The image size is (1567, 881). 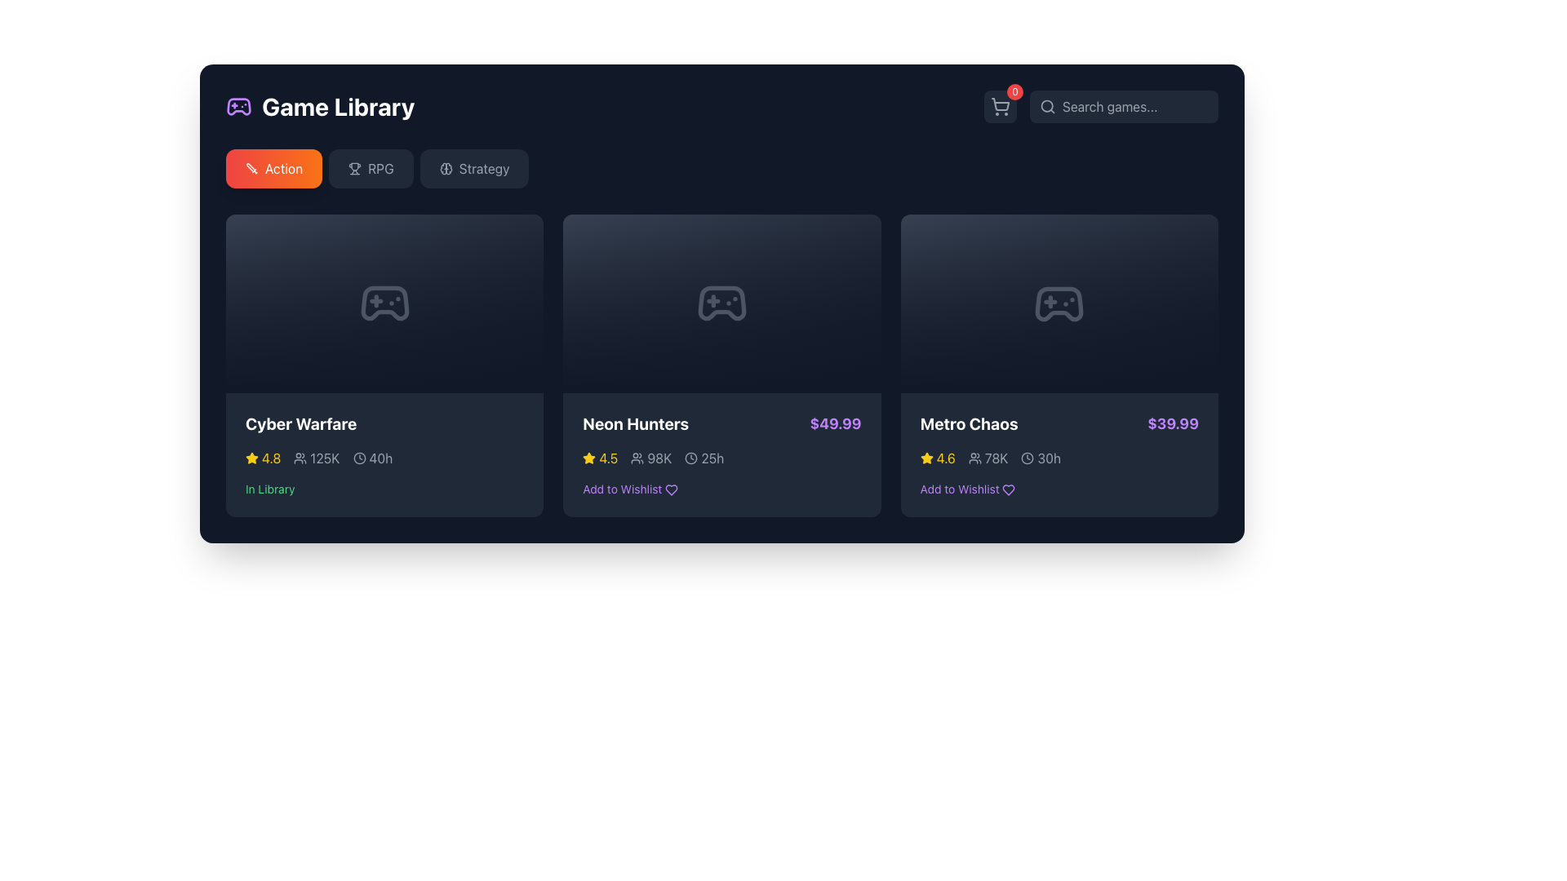 What do you see at coordinates (483, 169) in the screenshot?
I see `the 'Strategy' text label within the button in the navigation bar` at bounding box center [483, 169].